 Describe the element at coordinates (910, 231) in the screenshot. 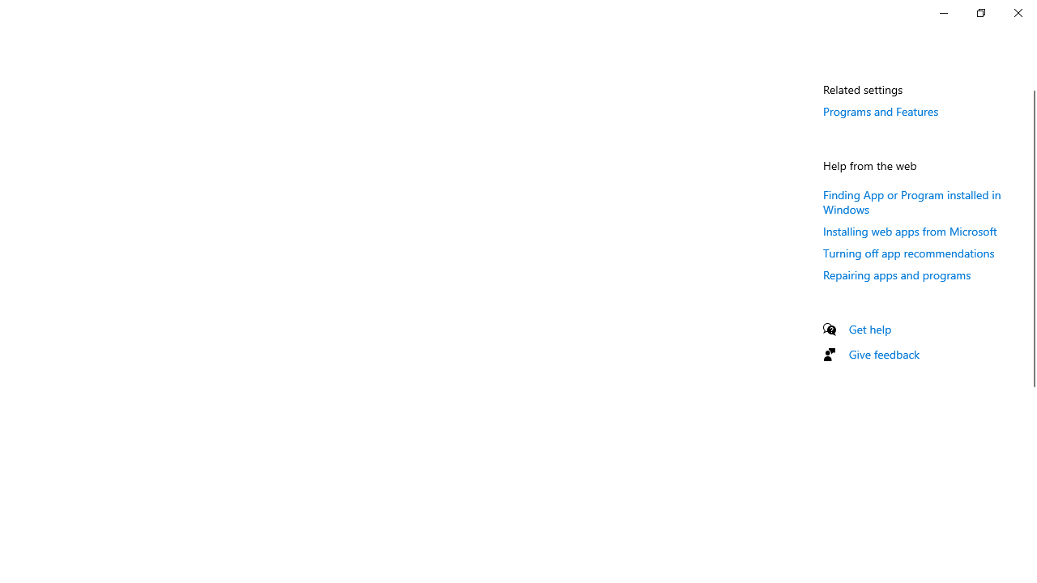

I see `'Installing web apps from Microsoft'` at that location.